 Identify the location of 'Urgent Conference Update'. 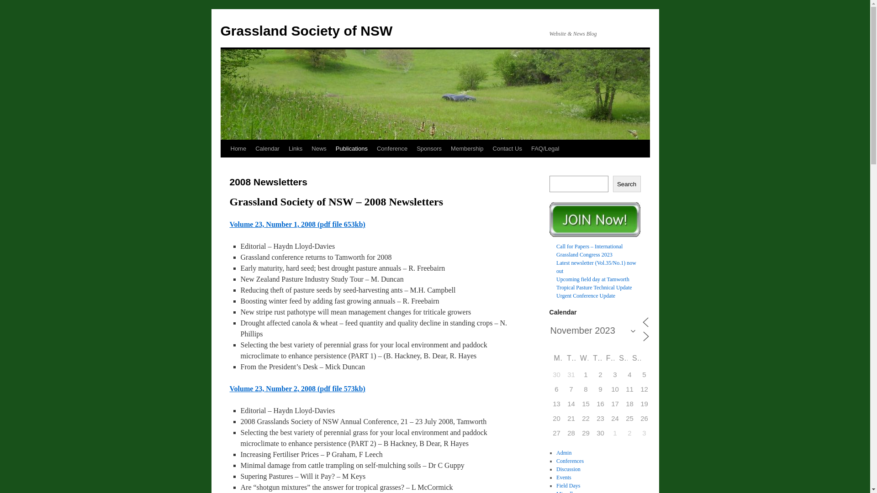
(586, 296).